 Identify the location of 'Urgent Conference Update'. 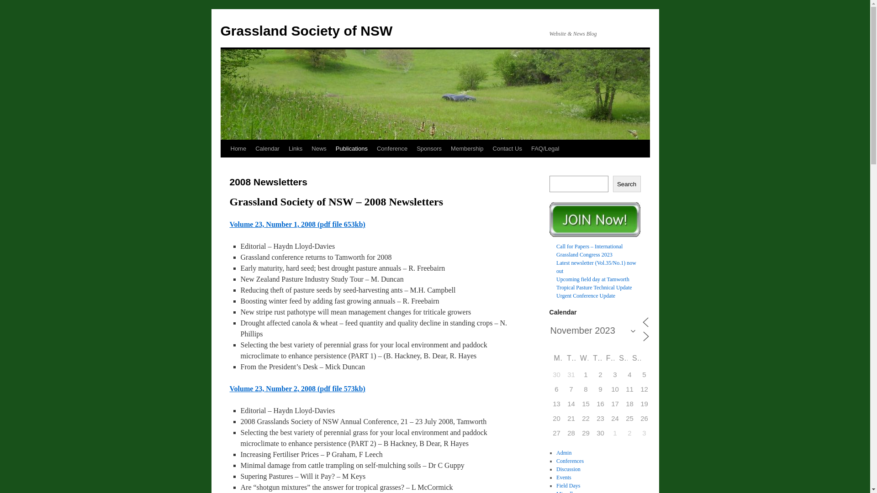
(586, 296).